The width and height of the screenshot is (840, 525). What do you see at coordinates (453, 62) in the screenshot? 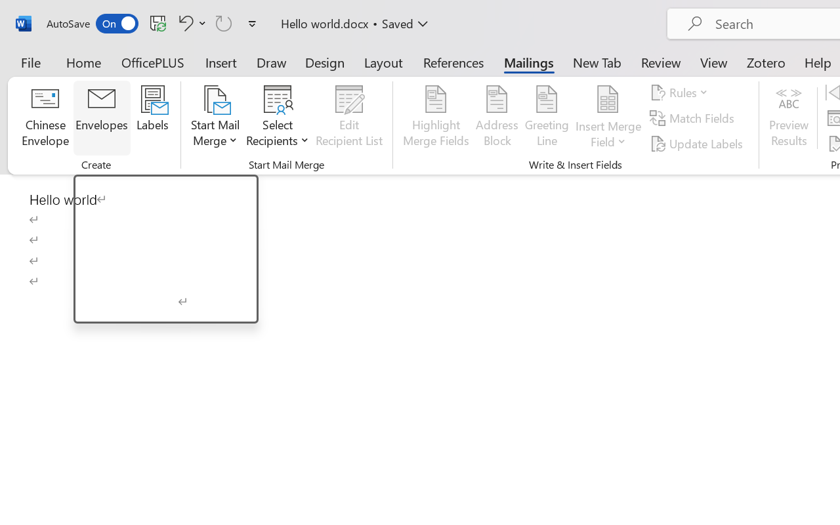
I see `'References'` at bounding box center [453, 62].